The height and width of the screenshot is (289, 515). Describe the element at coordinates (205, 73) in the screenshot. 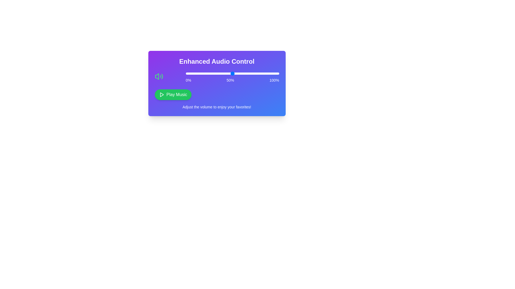

I see `the slider to set the volume to 21%` at that location.